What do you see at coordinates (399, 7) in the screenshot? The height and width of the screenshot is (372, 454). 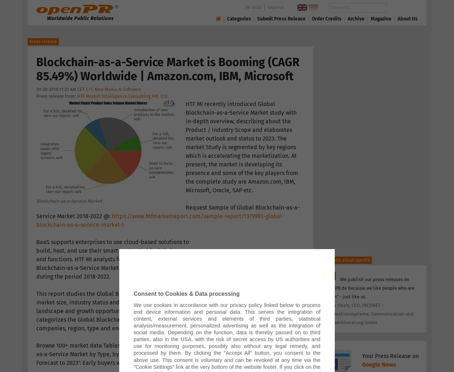 I see `'Search'` at bounding box center [399, 7].